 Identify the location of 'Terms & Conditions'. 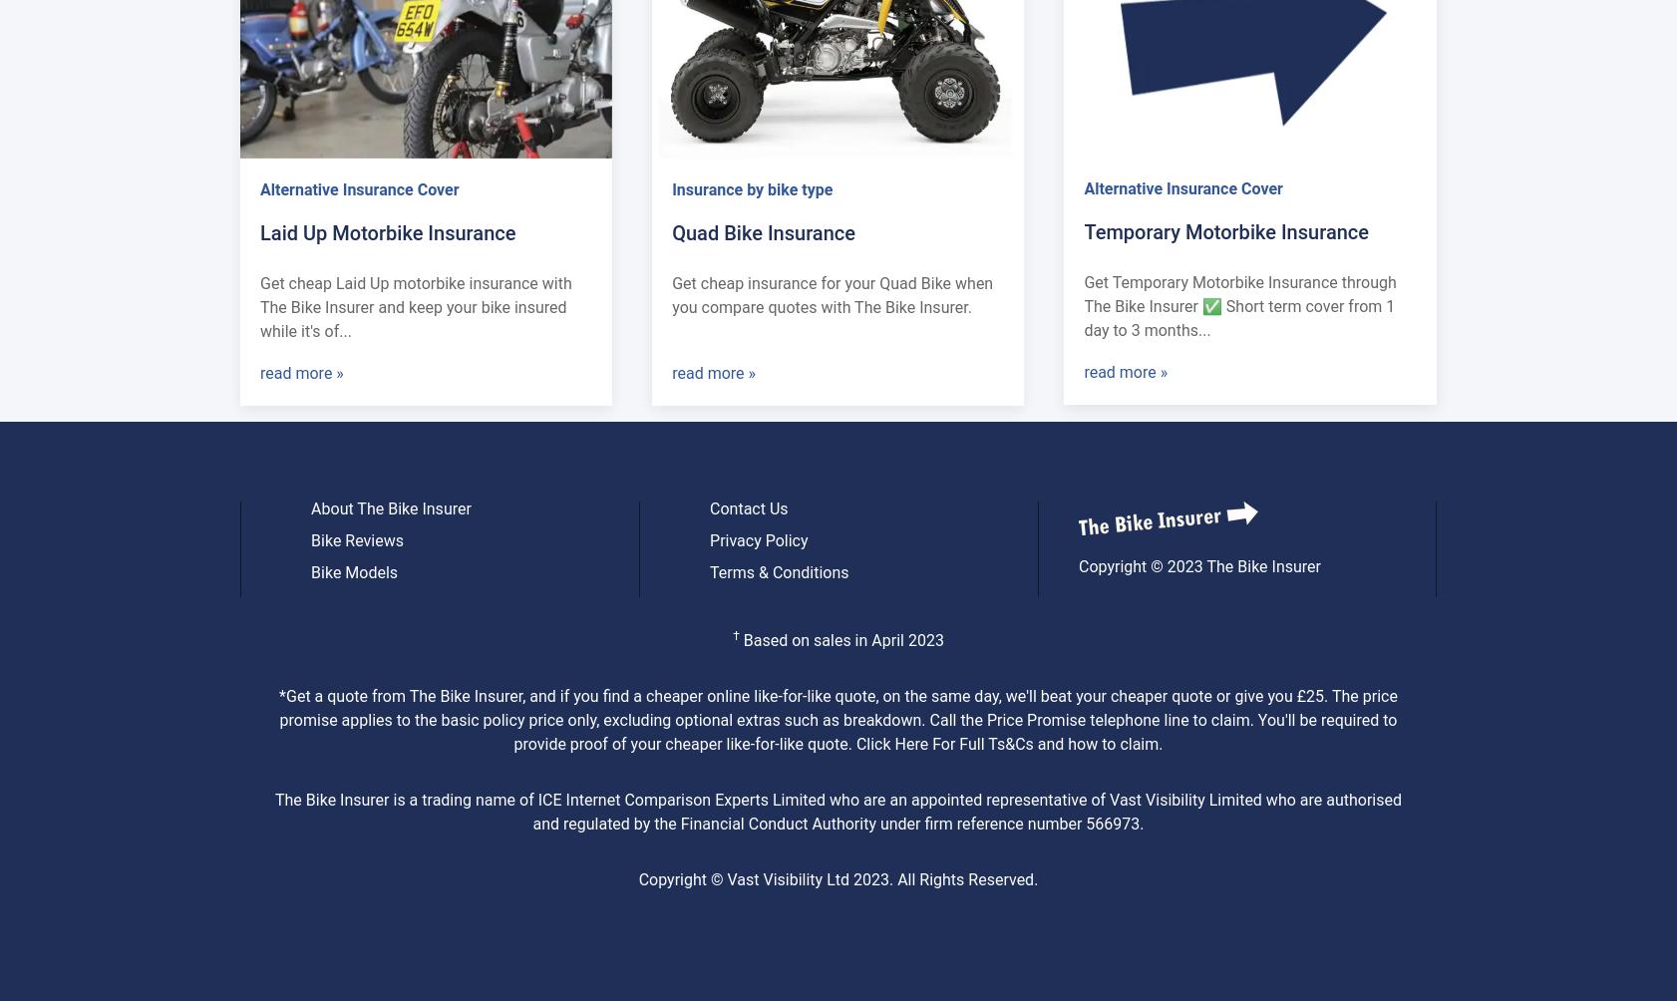
(779, 571).